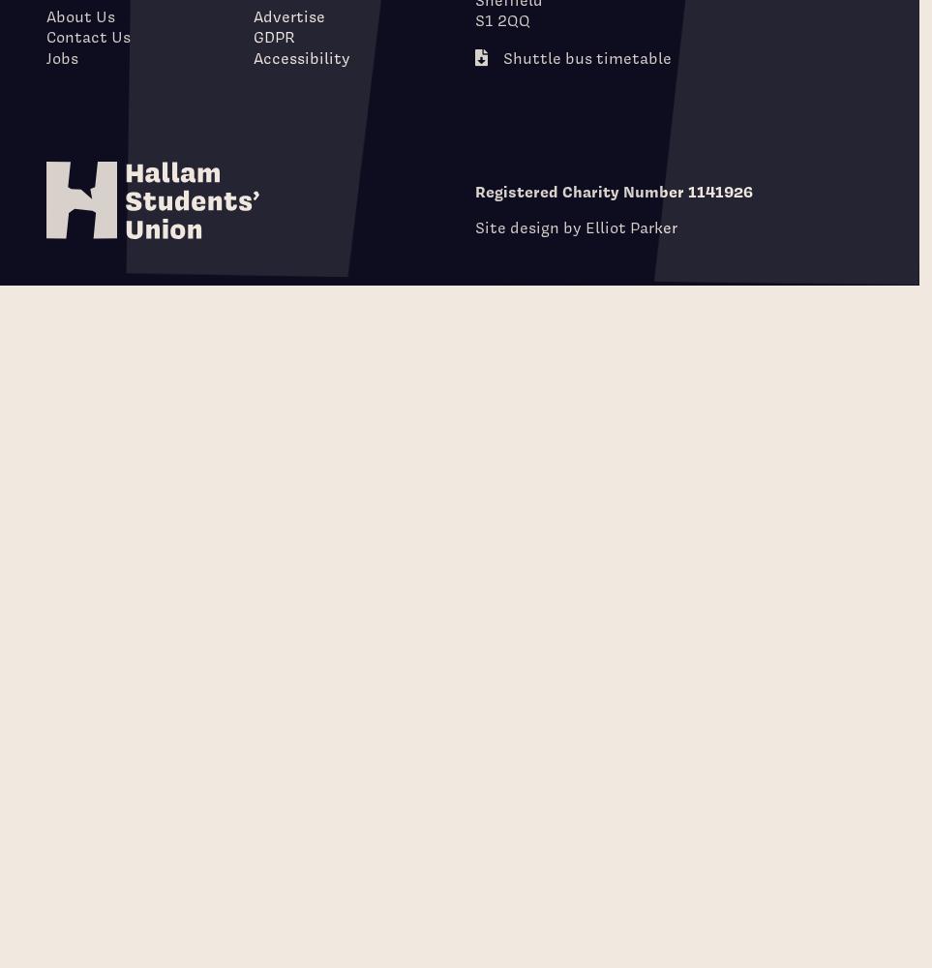 The width and height of the screenshot is (932, 968). I want to click on 'Registered Charity Number 1141926', so click(613, 191).